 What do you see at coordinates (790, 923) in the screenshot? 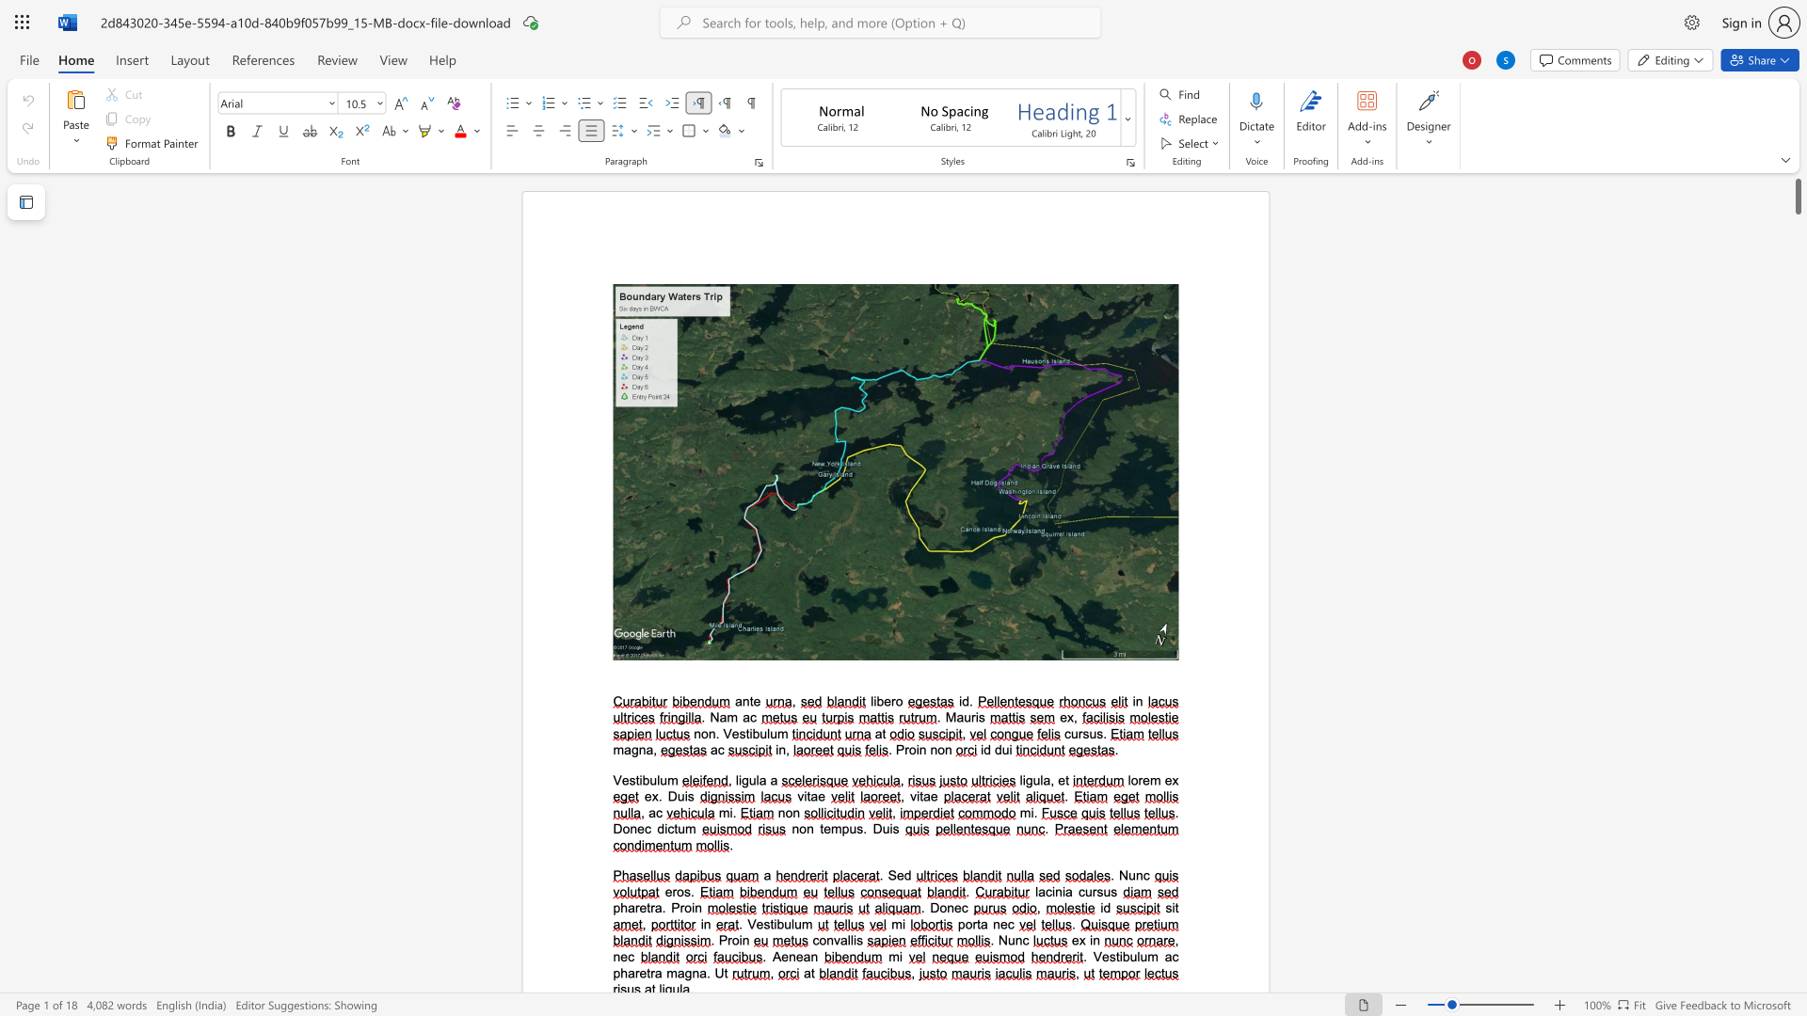
I see `the space between the continuous character "u" and "l" in the text` at bounding box center [790, 923].